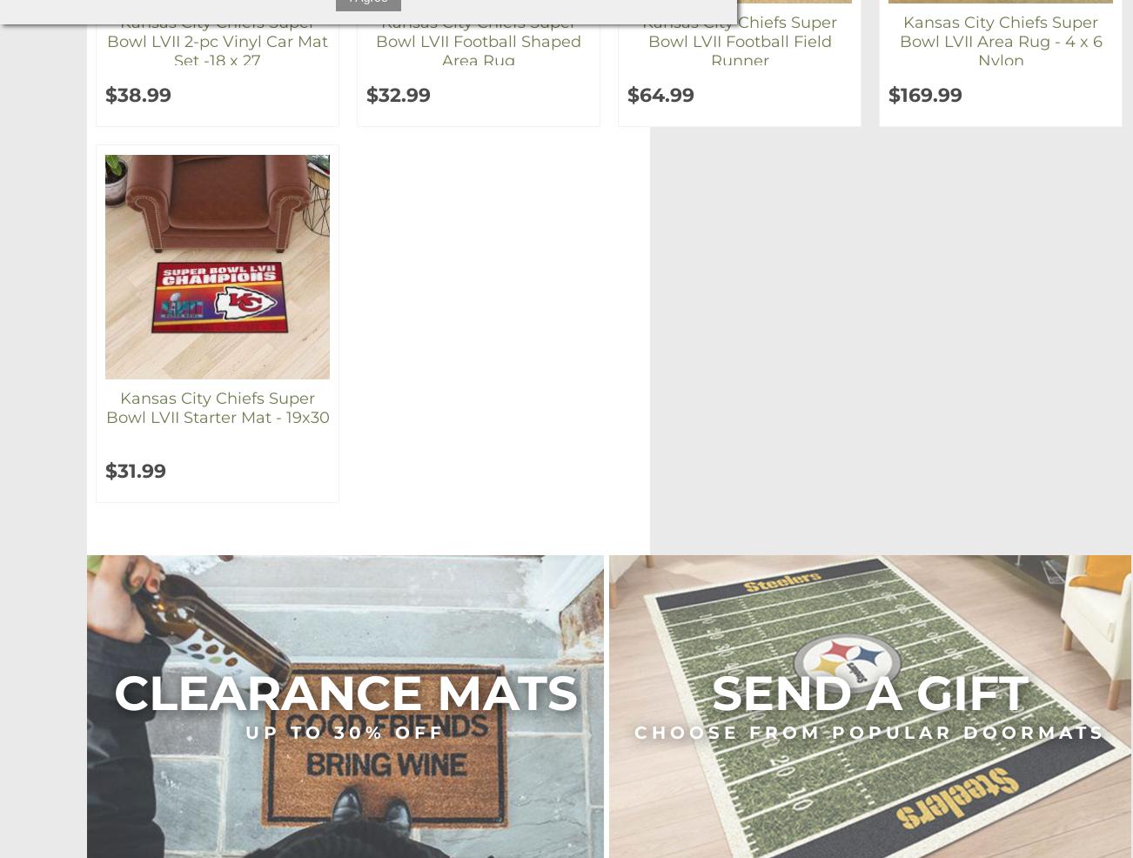  I want to click on 'Clearance Mats', so click(344, 693).